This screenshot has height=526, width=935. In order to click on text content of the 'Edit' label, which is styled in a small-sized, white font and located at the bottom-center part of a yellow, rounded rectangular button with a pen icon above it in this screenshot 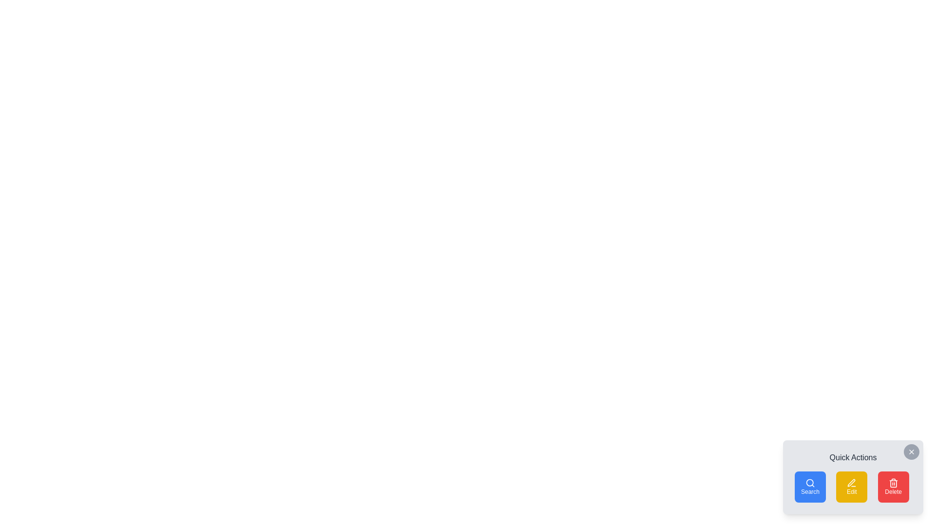, I will do `click(851, 492)`.